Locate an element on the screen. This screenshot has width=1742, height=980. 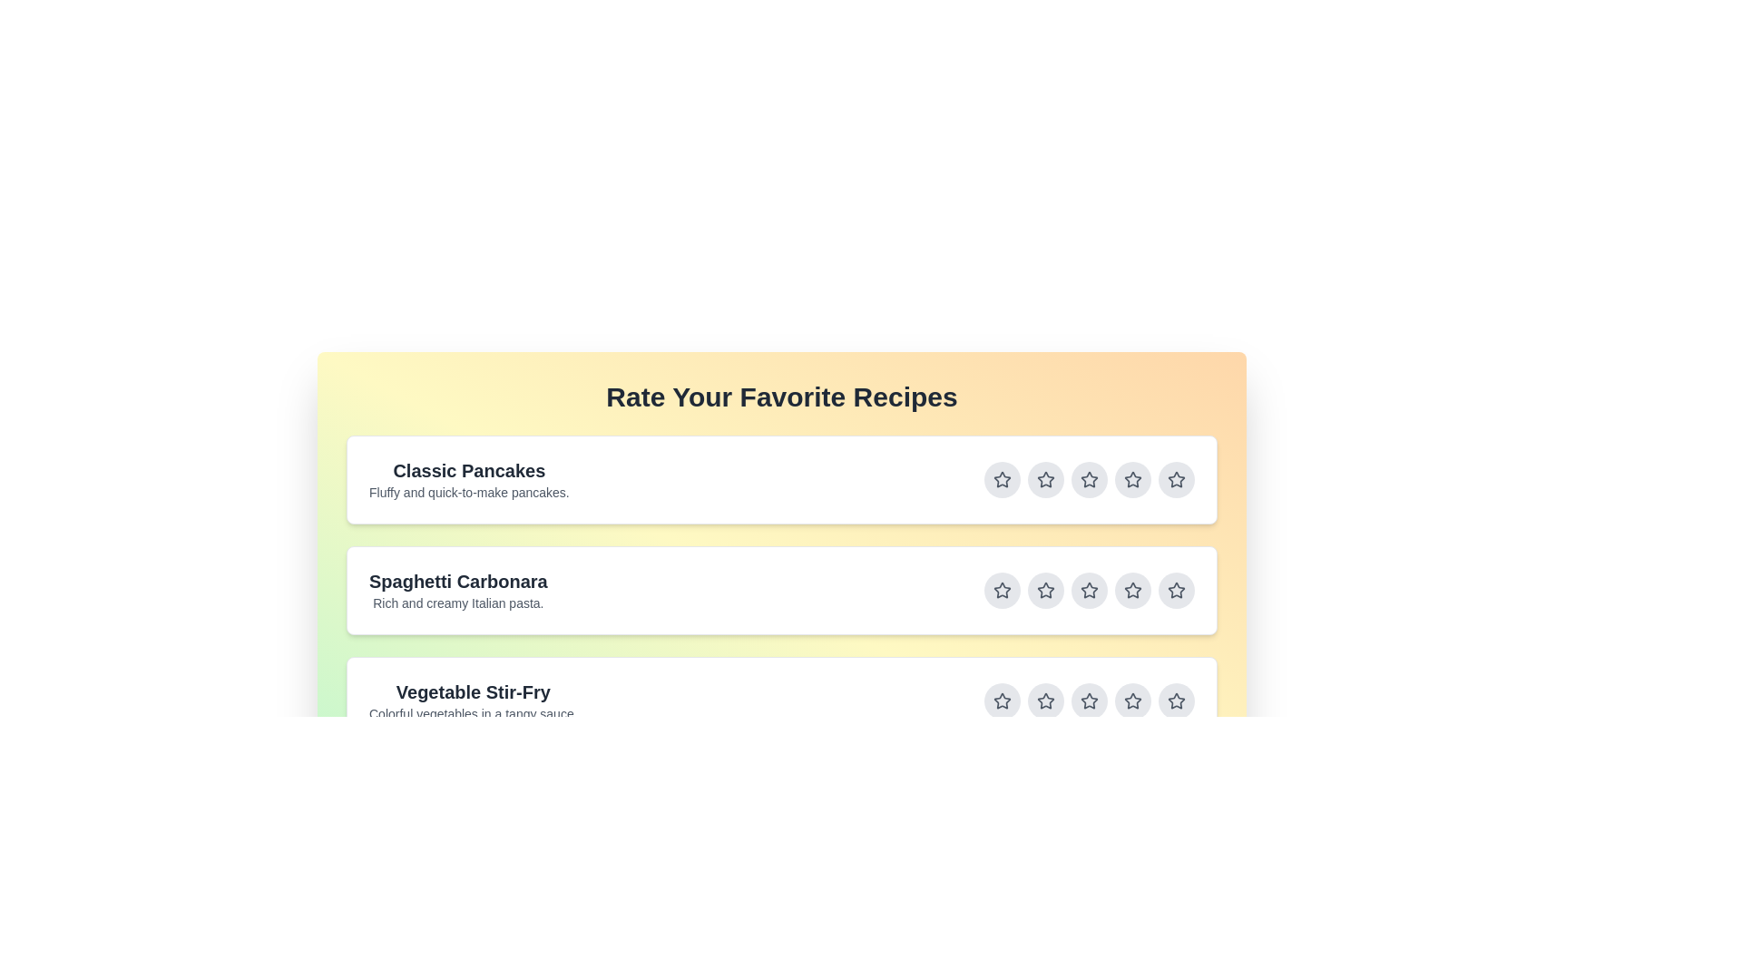
the star button for rating 3 of the recipe Spaghetti Carbonara is located at coordinates (1089, 591).